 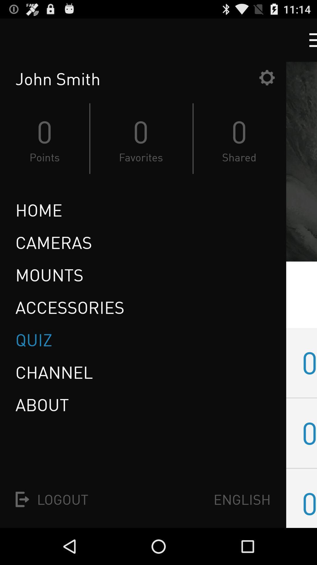 I want to click on the english icon, so click(x=242, y=499).